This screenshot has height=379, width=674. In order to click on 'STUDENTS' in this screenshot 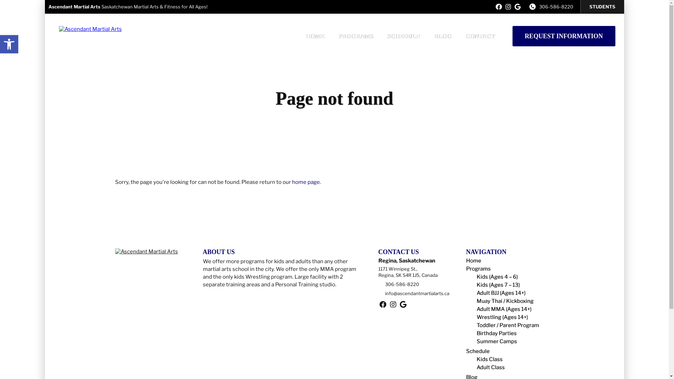, I will do `click(589, 7)`.